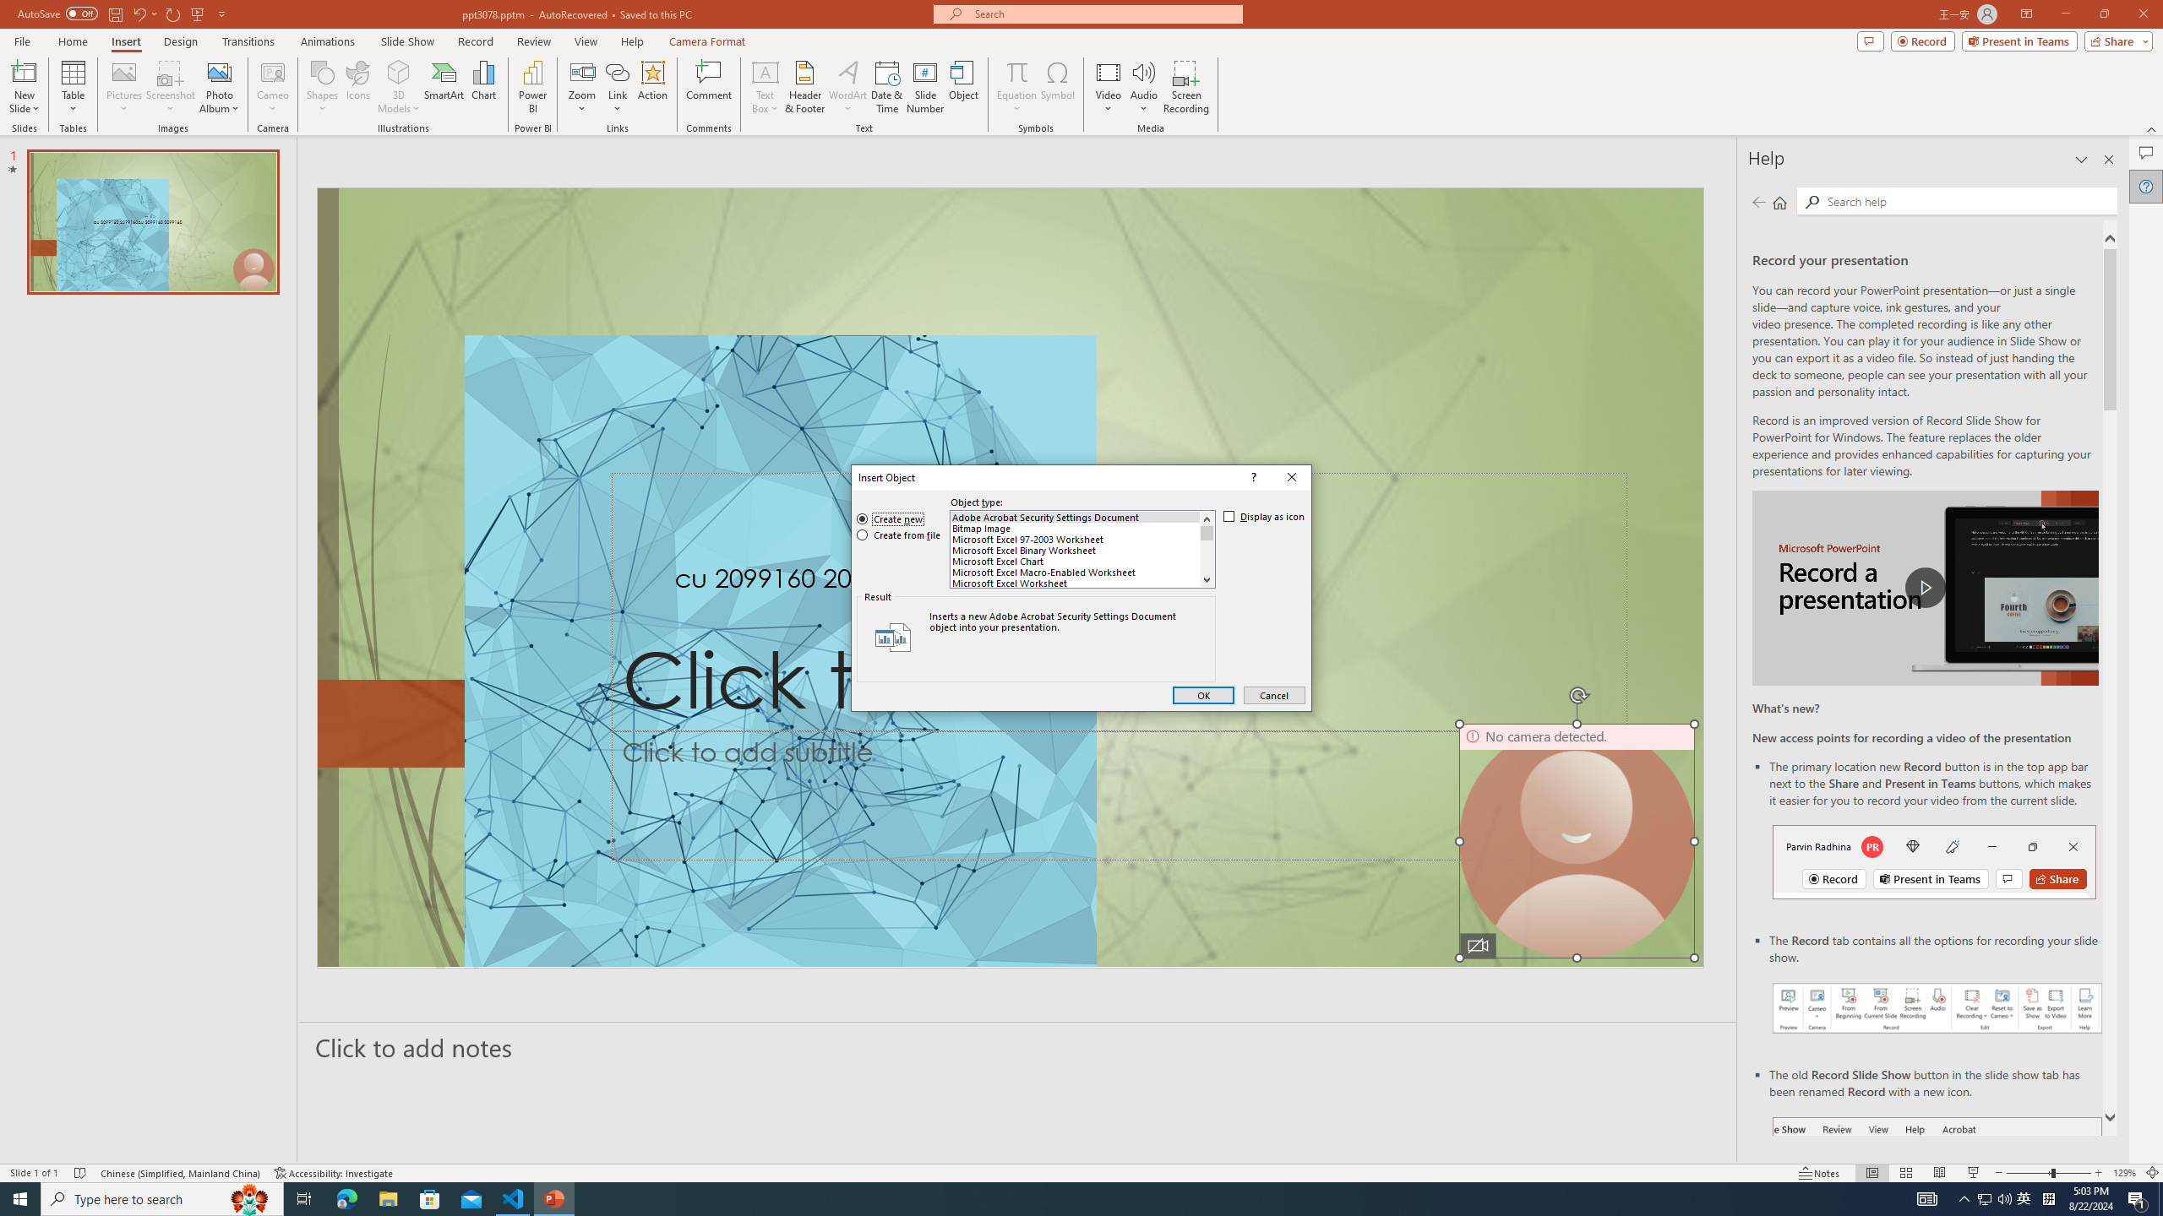  What do you see at coordinates (399, 71) in the screenshot?
I see `'3D Models'` at bounding box center [399, 71].